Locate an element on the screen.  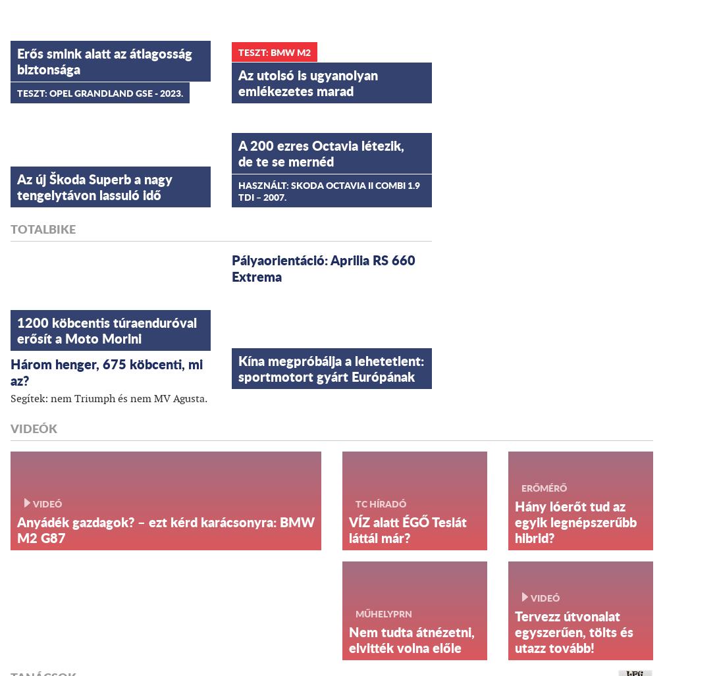
'Anyádék gazdagok? – ezt kérd karácsonyra: BMW M2 G87' is located at coordinates (165, 529).